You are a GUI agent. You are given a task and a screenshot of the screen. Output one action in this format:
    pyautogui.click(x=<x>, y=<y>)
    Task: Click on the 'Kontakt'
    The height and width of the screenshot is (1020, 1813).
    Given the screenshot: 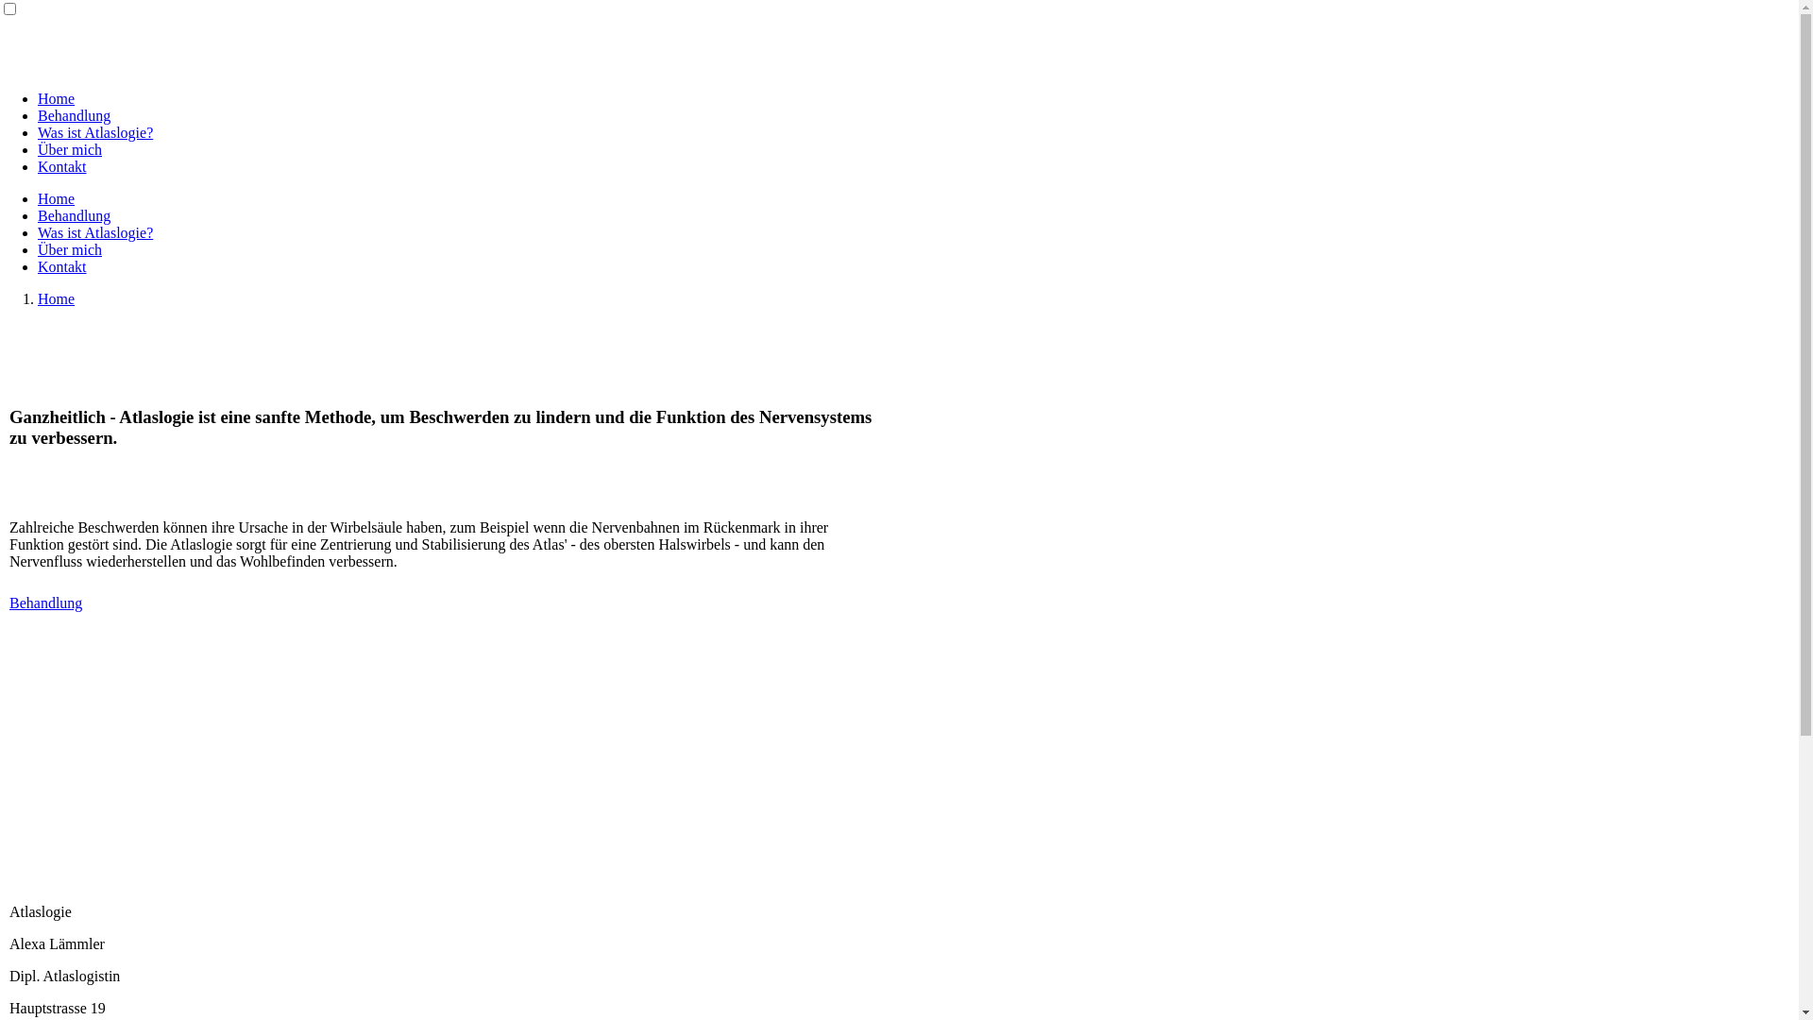 What is the action you would take?
    pyautogui.click(x=62, y=266)
    